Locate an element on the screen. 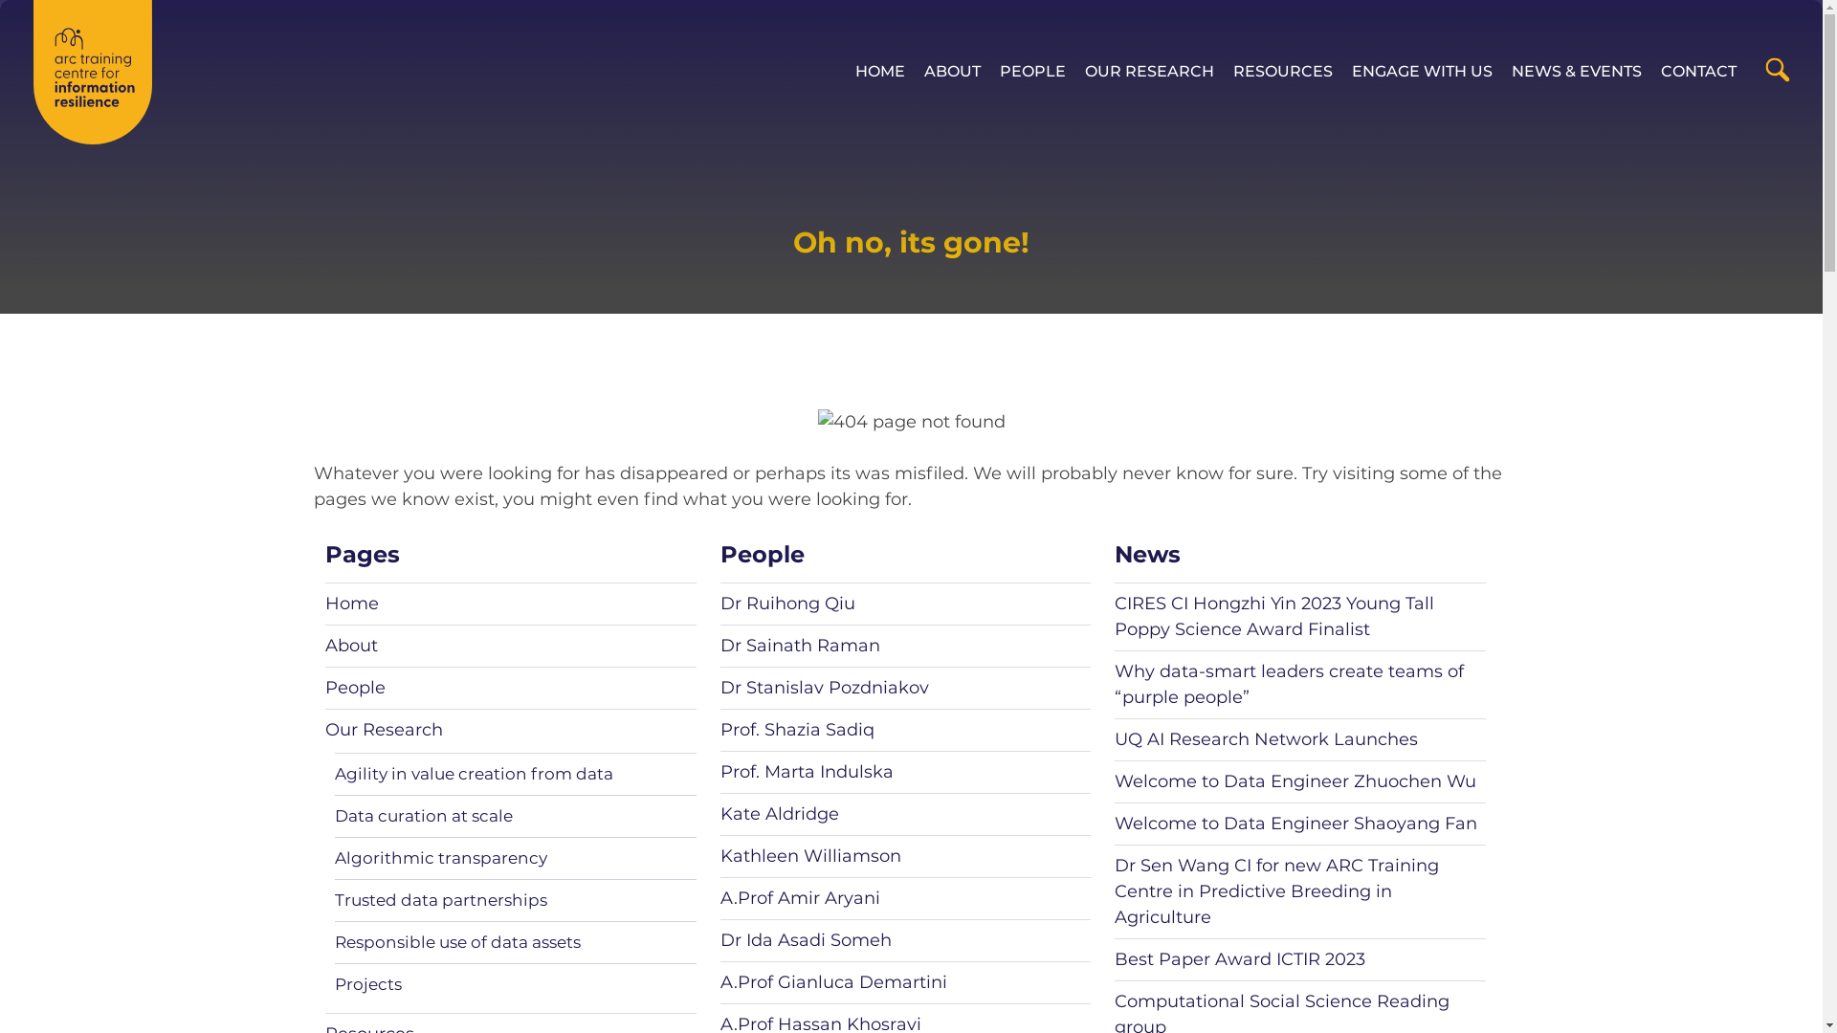 The image size is (1837, 1033). 'ABOUT' is located at coordinates (952, 70).